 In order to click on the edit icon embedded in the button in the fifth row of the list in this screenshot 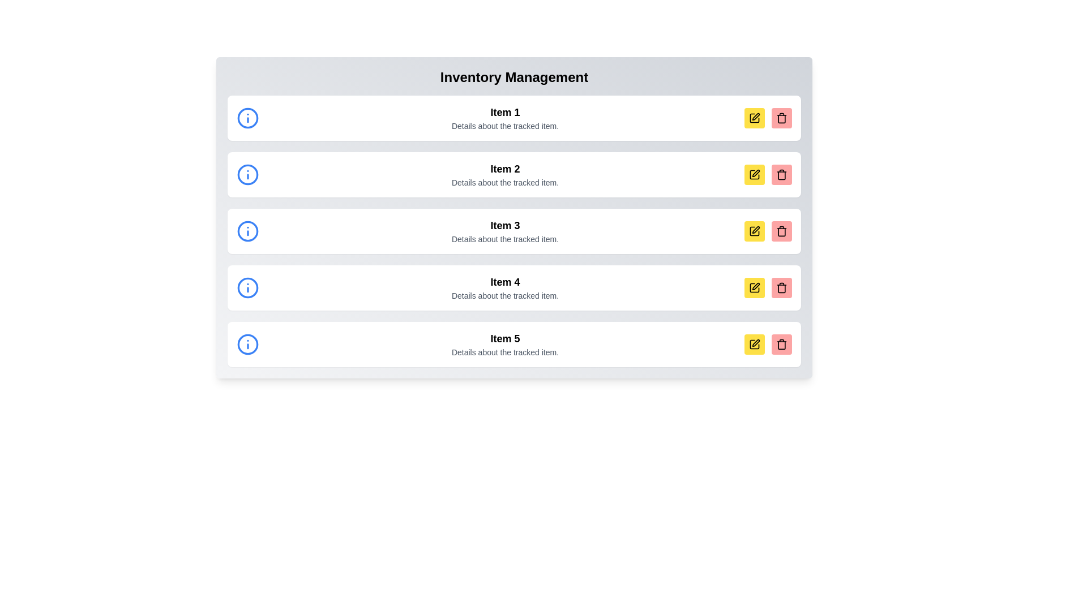, I will do `click(755, 287)`.